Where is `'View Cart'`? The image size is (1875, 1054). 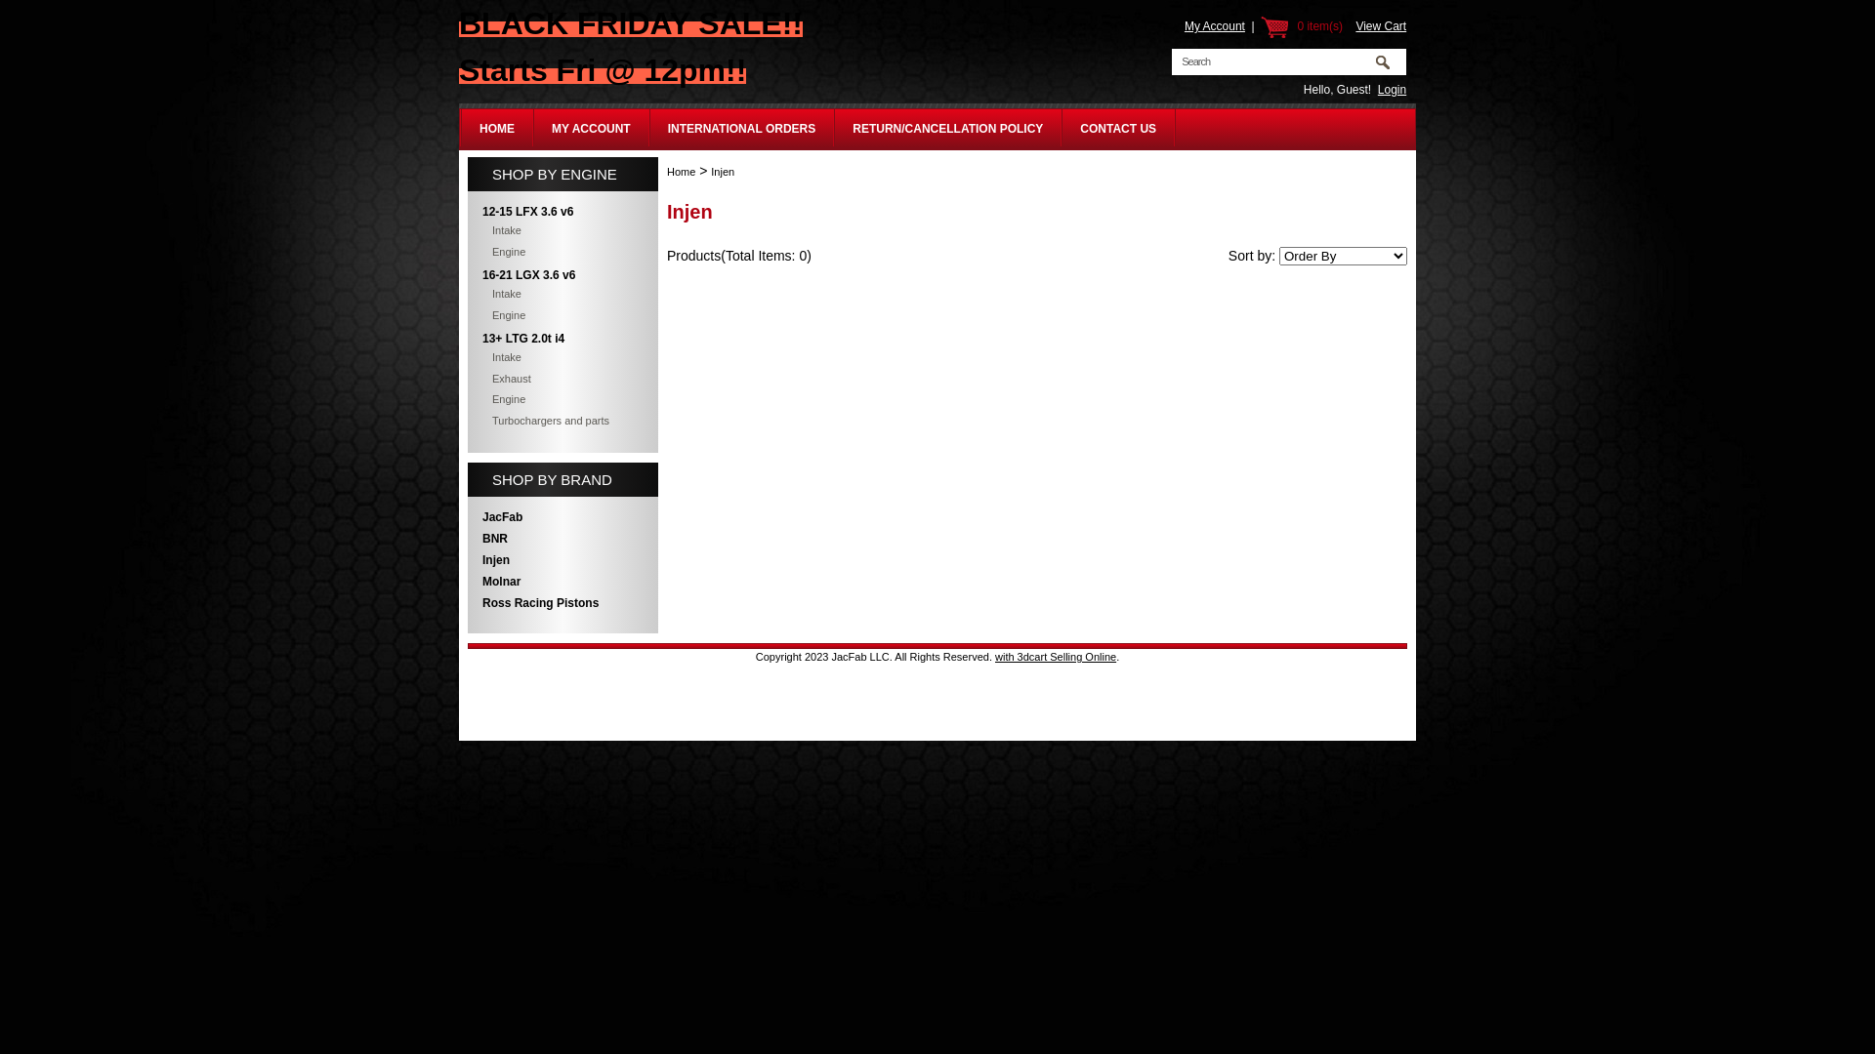
'View Cart' is located at coordinates (1380, 26).